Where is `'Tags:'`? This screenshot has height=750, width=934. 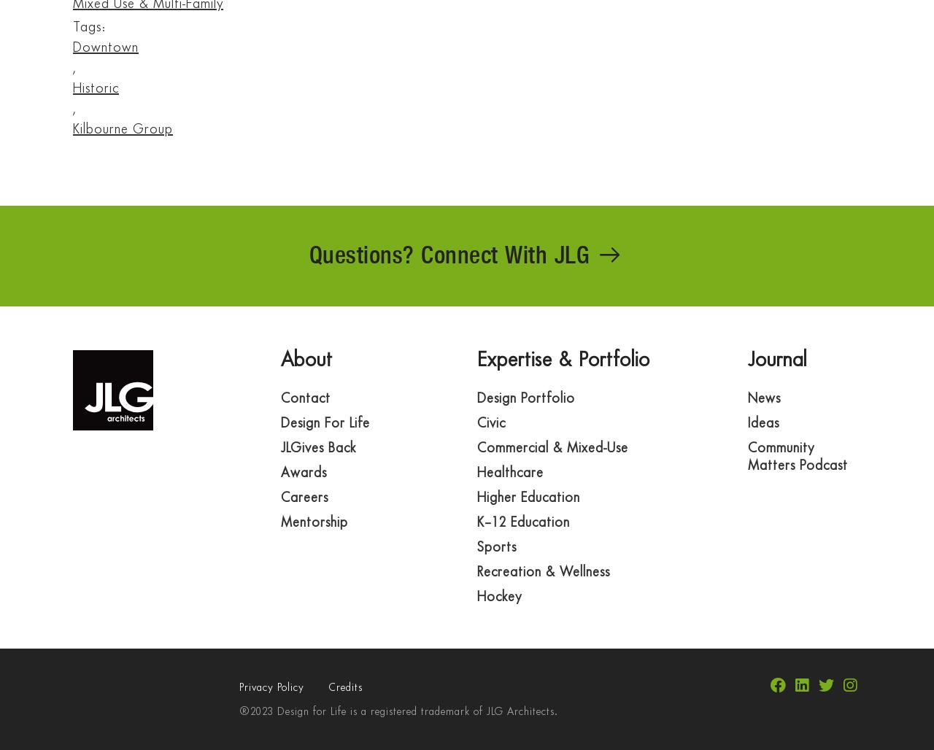 'Tags:' is located at coordinates (72, 27).